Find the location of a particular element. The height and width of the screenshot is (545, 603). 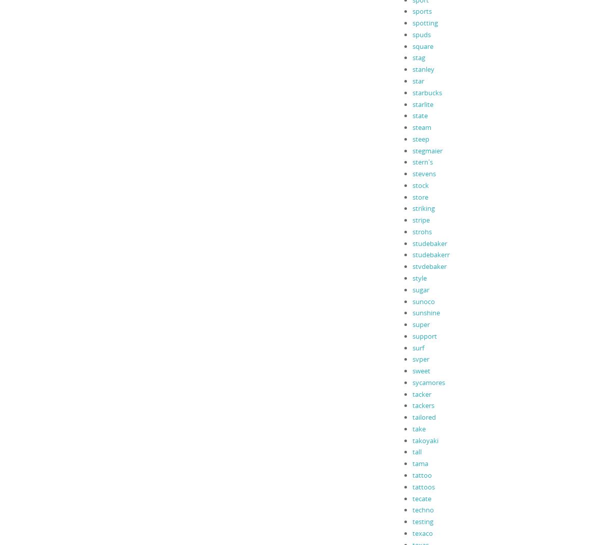

'sugar' is located at coordinates (412, 288).